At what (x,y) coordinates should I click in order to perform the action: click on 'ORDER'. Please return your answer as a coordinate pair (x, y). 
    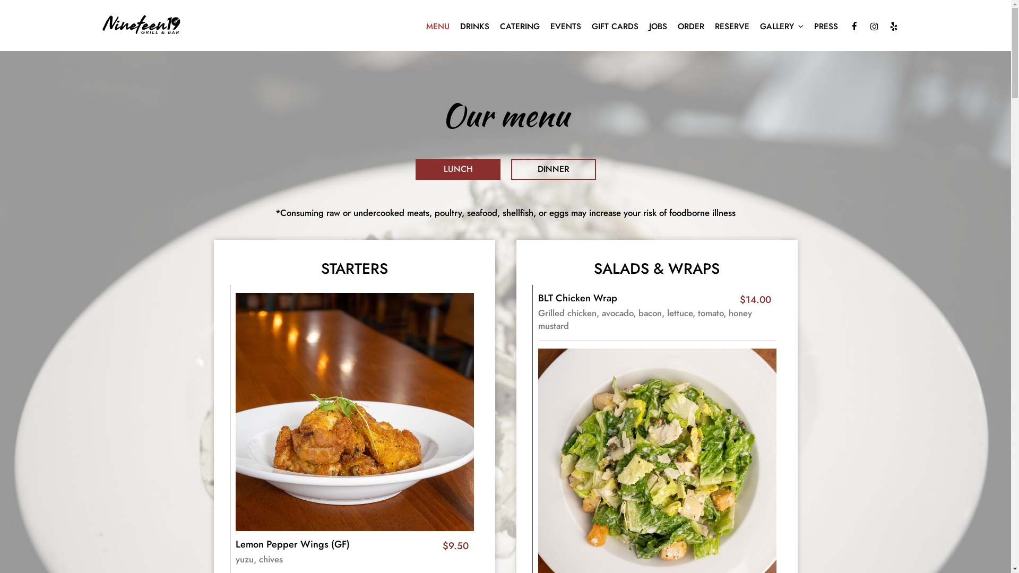
    Looking at the image, I should click on (690, 26).